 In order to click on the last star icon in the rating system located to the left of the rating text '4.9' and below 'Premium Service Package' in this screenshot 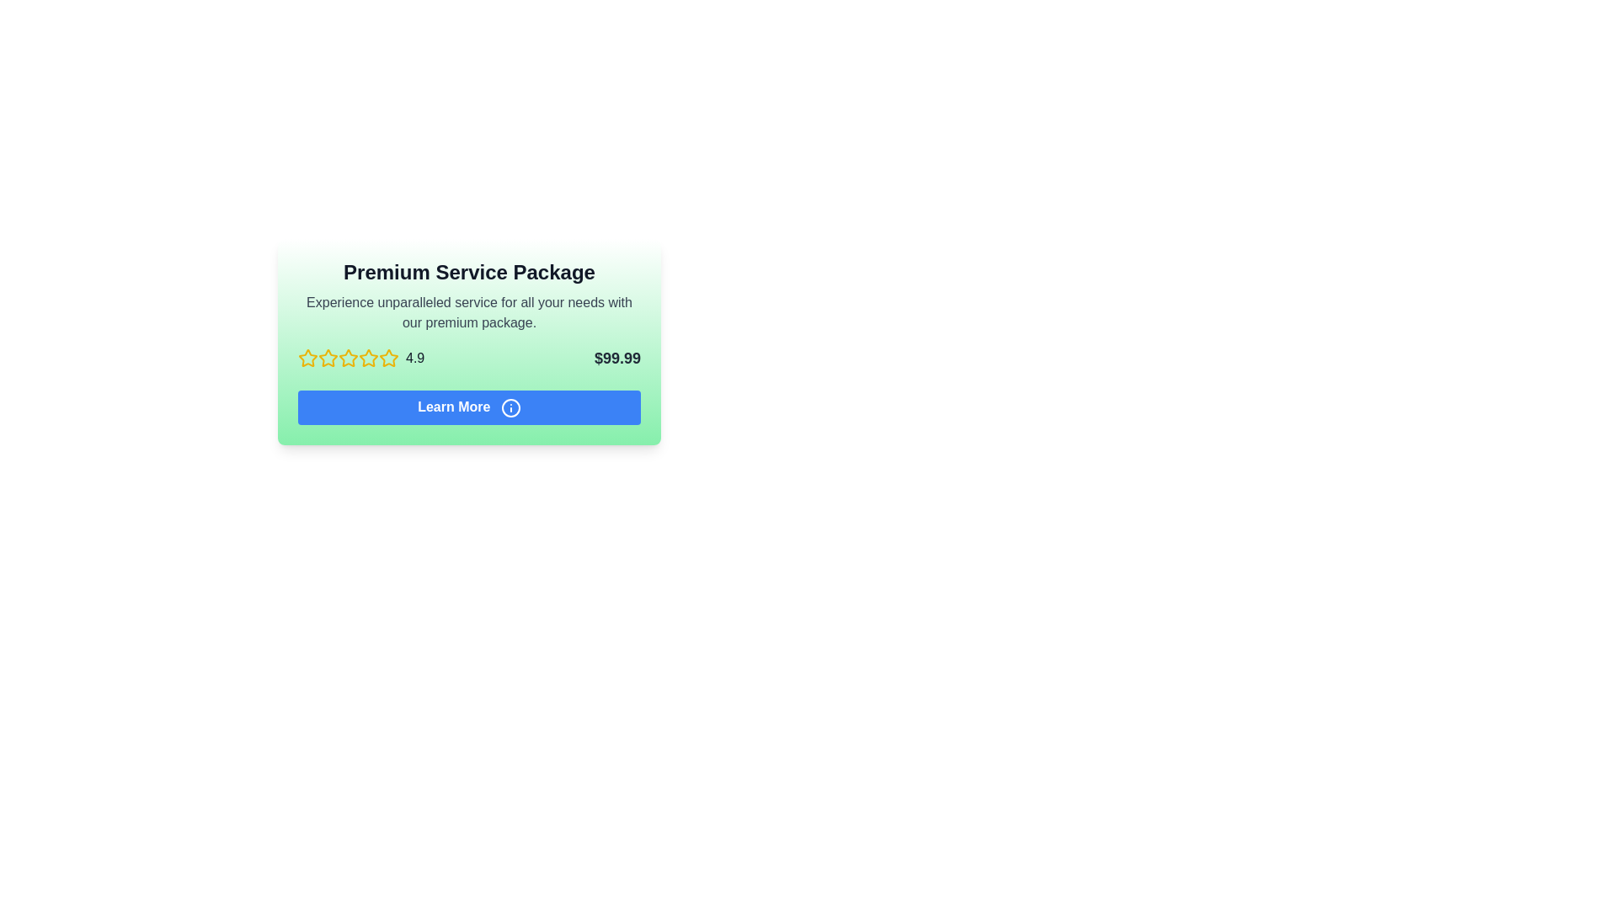, I will do `click(387, 357)`.